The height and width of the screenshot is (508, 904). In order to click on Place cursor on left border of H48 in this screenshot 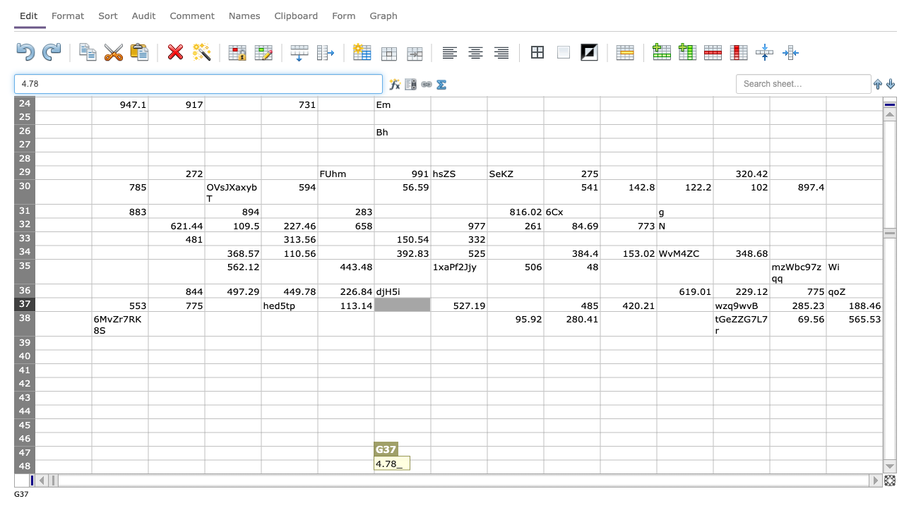, I will do `click(430, 466)`.